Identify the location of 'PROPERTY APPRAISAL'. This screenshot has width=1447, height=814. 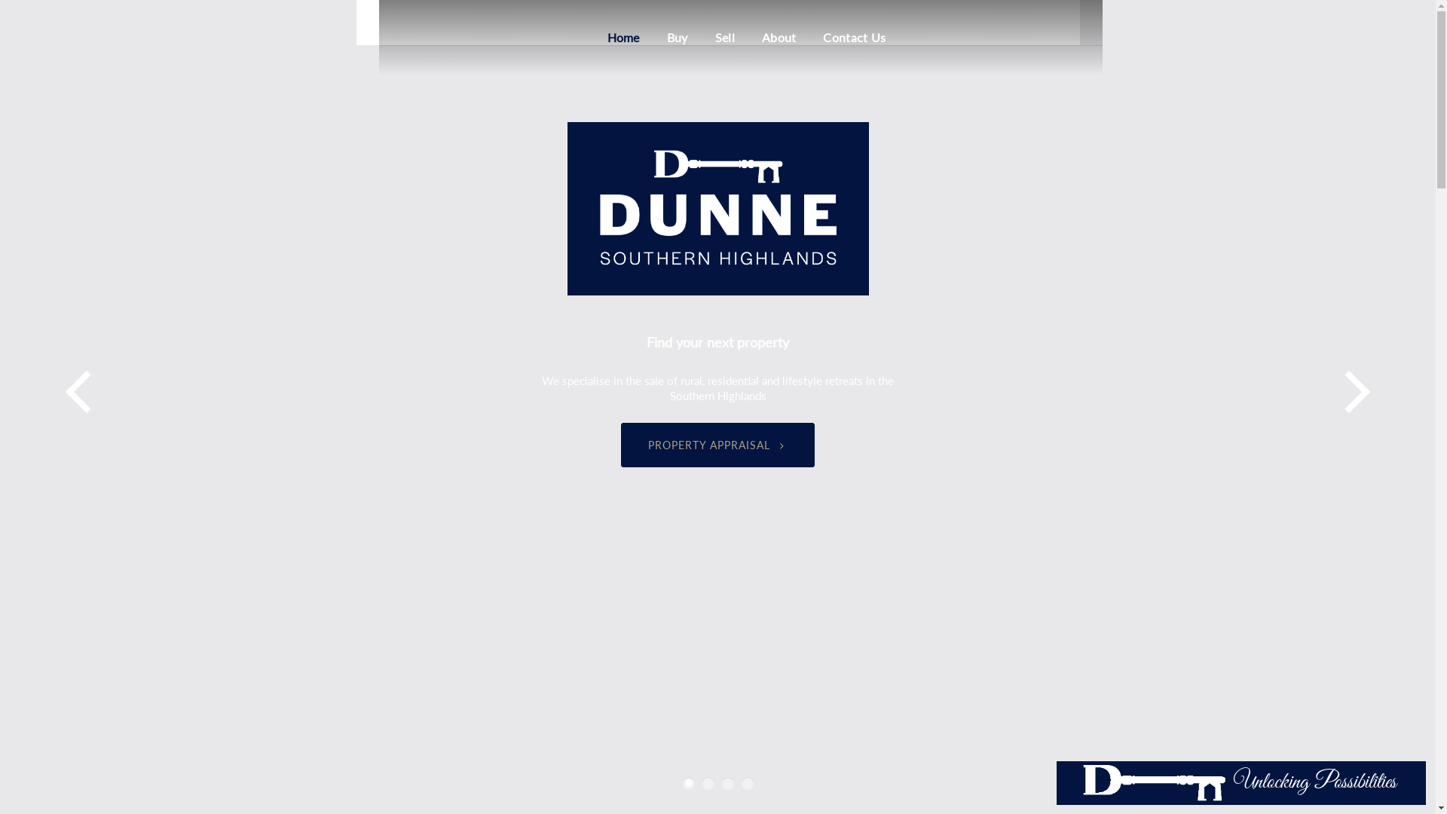
(717, 444).